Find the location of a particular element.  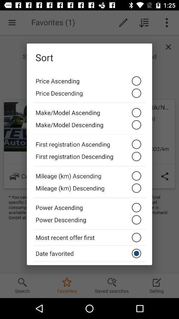

the price descending is located at coordinates (89, 94).